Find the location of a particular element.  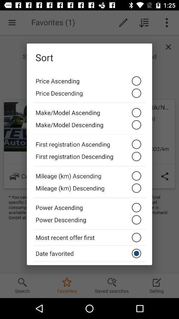

the price descending is located at coordinates (89, 94).